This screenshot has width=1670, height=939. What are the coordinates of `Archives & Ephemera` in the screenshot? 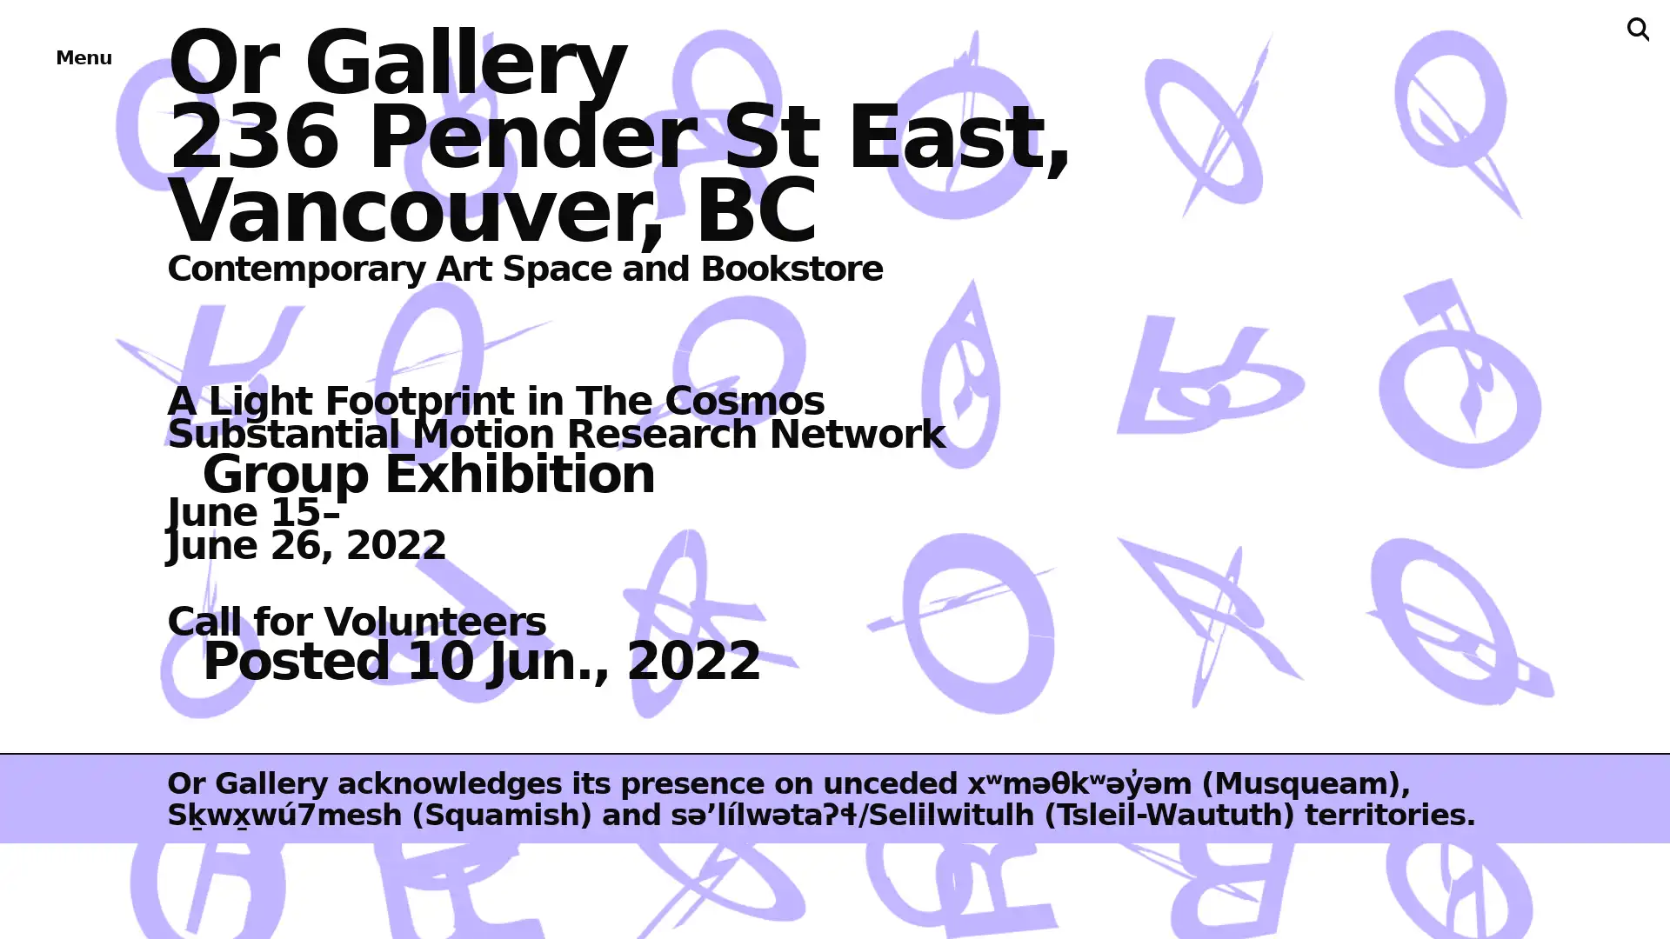 It's located at (377, 591).